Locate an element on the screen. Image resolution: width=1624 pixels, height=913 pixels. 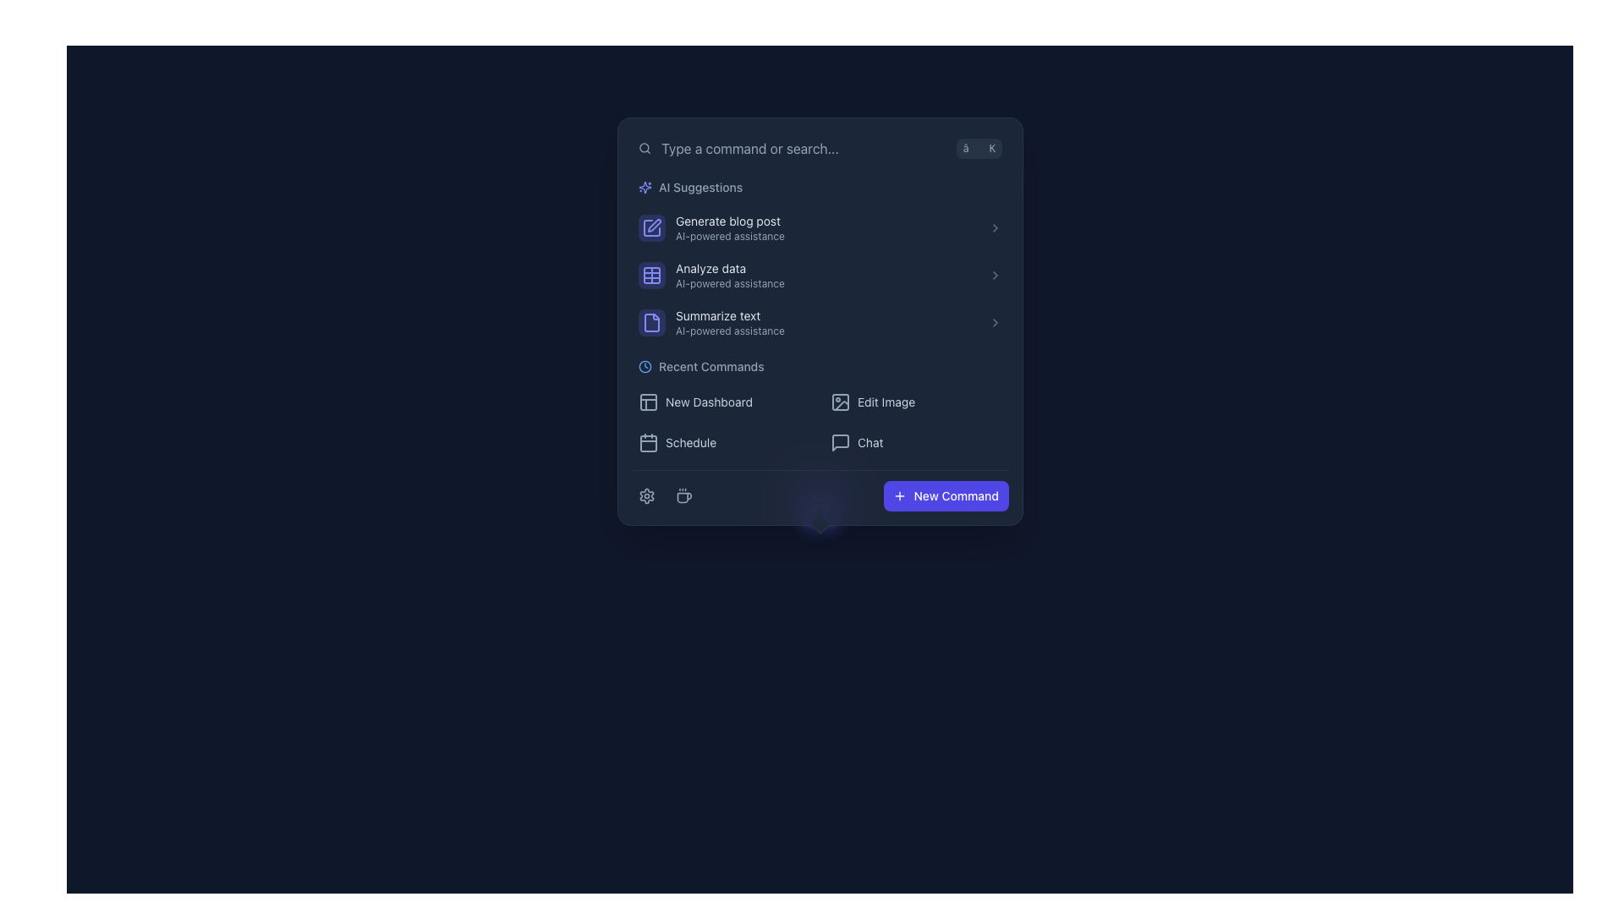
the text label that serves as a description for the 'Edit Image' command, located to the right of the image-related icon in the 'Recent Commands' section is located at coordinates (885, 402).